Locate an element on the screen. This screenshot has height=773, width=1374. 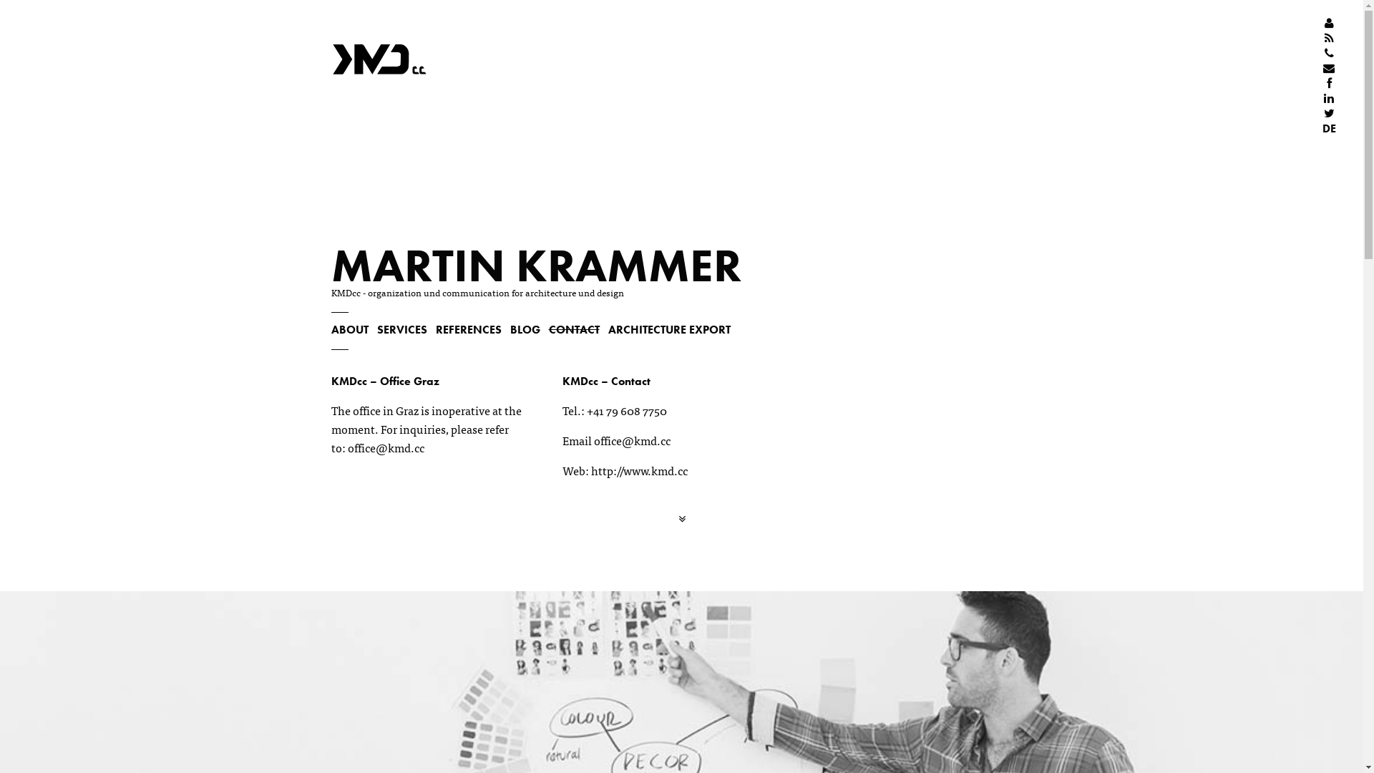
'CONTACT' is located at coordinates (573, 329).